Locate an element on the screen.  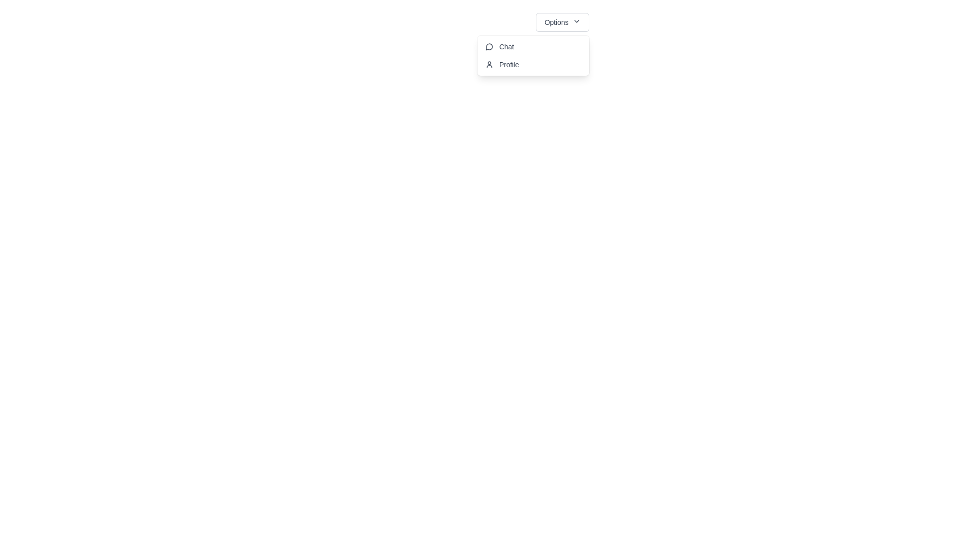
the chat icon located to the left of the 'Chat' text label within the dropdown menu below the 'Options' button is located at coordinates (489, 47).